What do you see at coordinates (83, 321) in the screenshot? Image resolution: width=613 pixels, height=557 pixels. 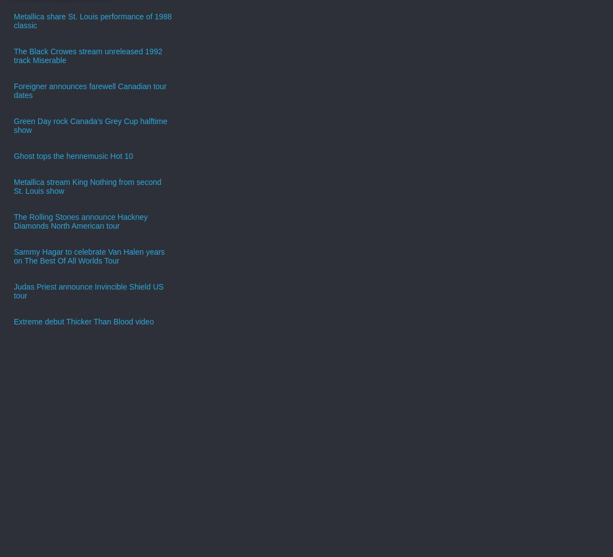 I see `'Extreme debut Thicker Than Blood video'` at bounding box center [83, 321].